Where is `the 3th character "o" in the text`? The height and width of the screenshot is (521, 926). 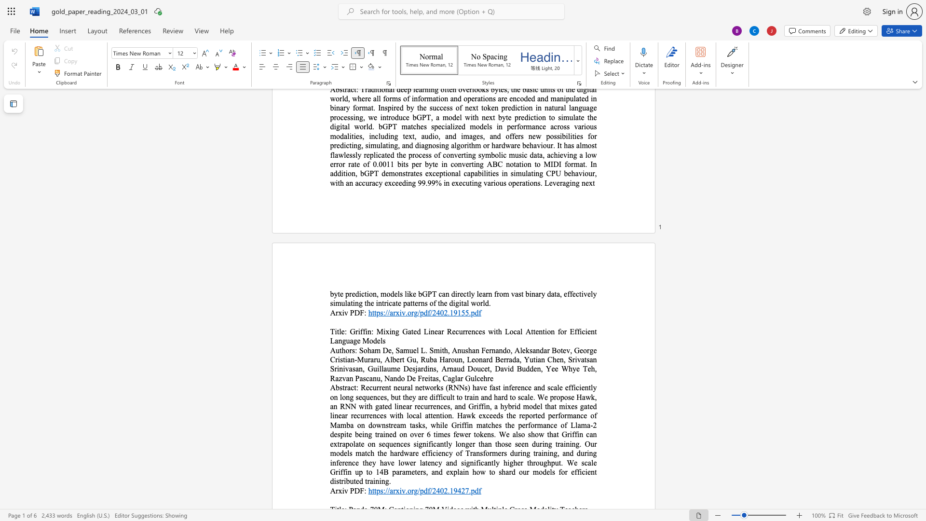
the 3th character "o" in the text is located at coordinates (558, 350).